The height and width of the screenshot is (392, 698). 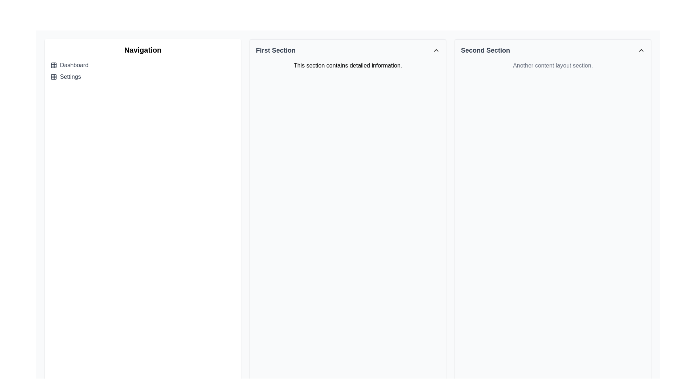 What do you see at coordinates (143, 50) in the screenshot?
I see `the header text label of the navigation pane located at the top of the vertical navigation panel on the left side of the layout` at bounding box center [143, 50].